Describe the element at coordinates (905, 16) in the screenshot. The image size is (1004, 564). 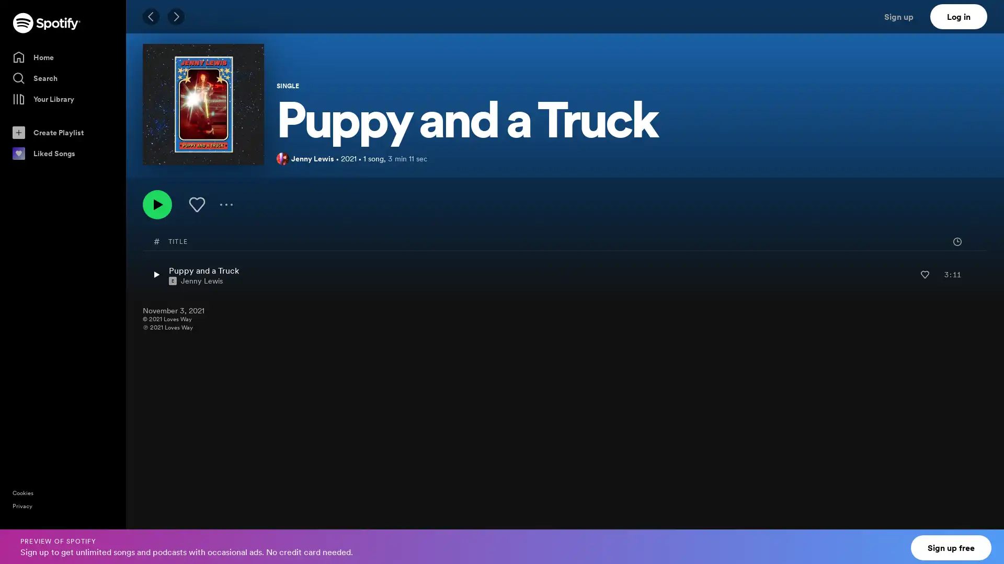
I see `Sign up` at that location.